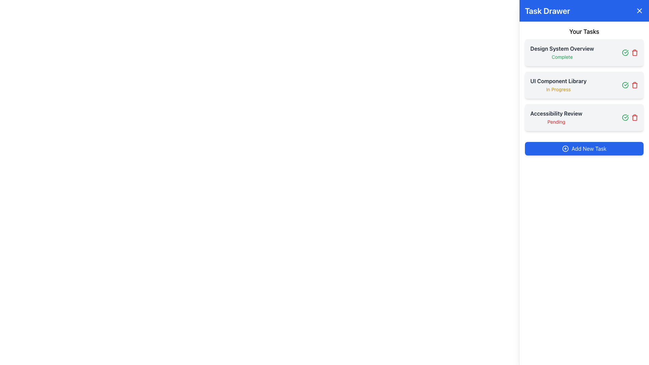  I want to click on the static text label indicating the status of the 'Accessibility Review' task as 'Pending', so click(556, 122).